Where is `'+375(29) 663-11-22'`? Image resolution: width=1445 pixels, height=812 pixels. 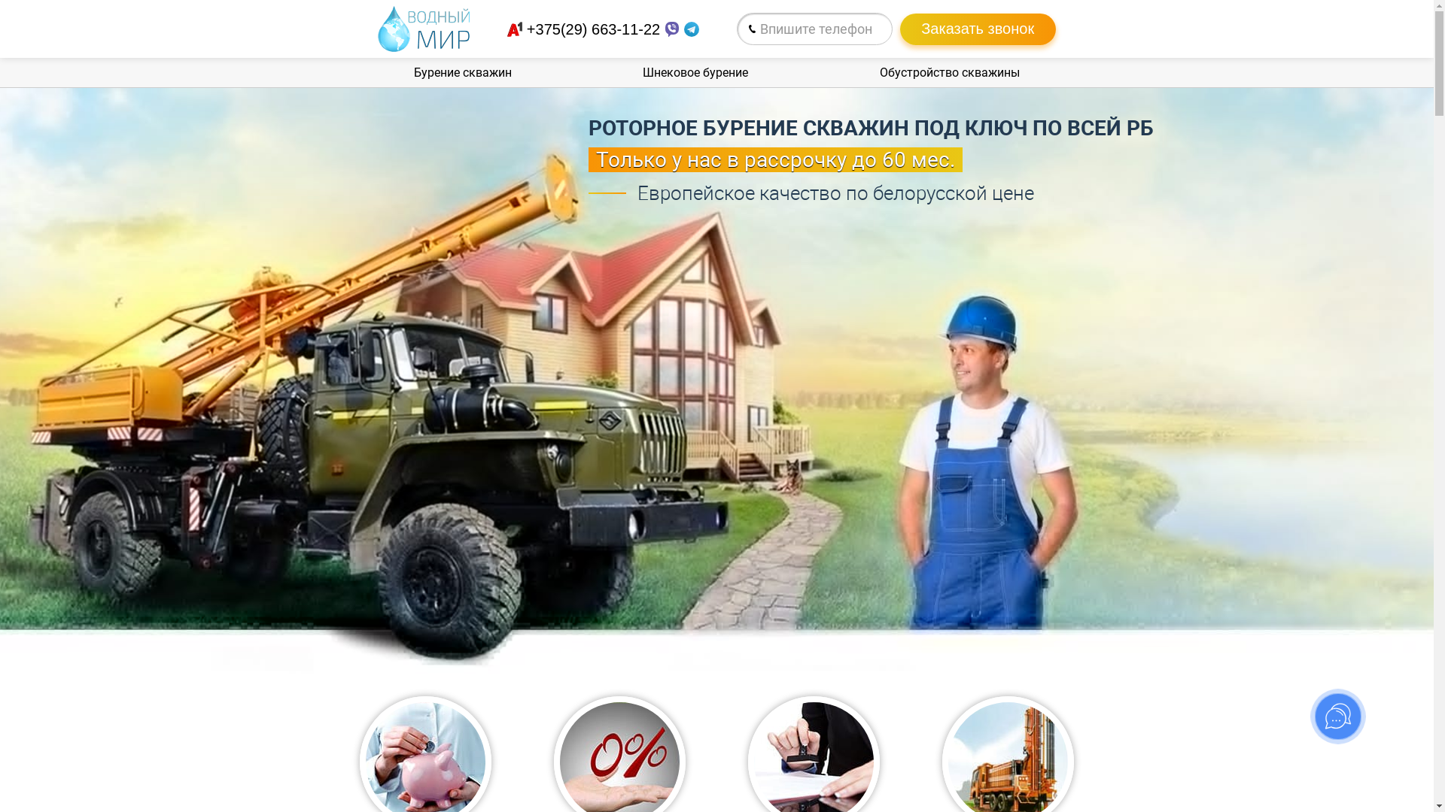
'+375(29) 663-11-22' is located at coordinates (592, 29).